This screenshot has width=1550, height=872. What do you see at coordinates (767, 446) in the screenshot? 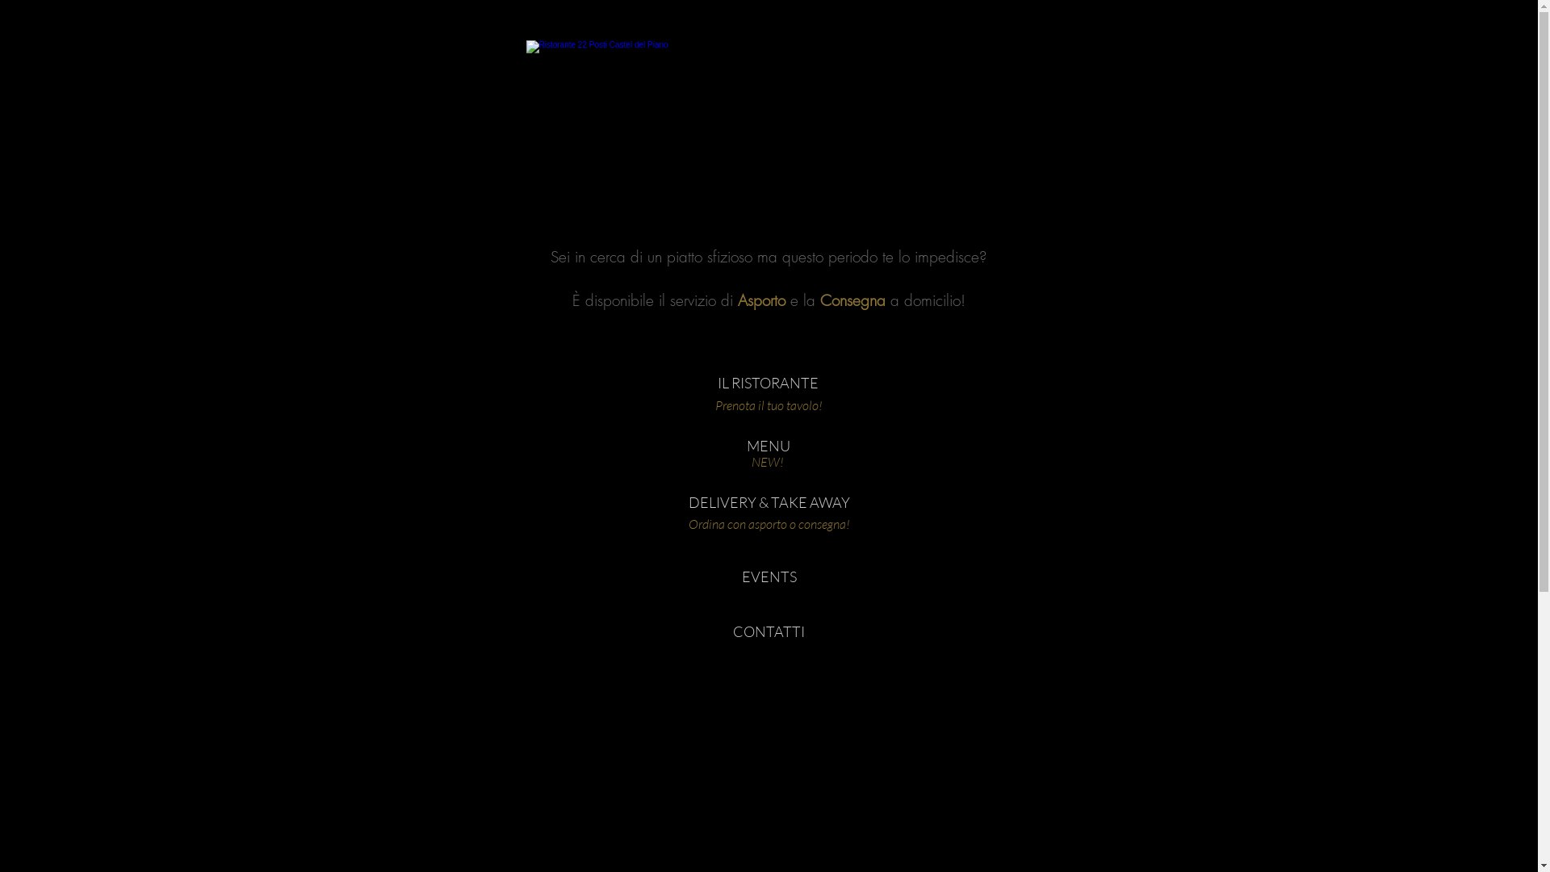
I see `'MENU'` at bounding box center [767, 446].